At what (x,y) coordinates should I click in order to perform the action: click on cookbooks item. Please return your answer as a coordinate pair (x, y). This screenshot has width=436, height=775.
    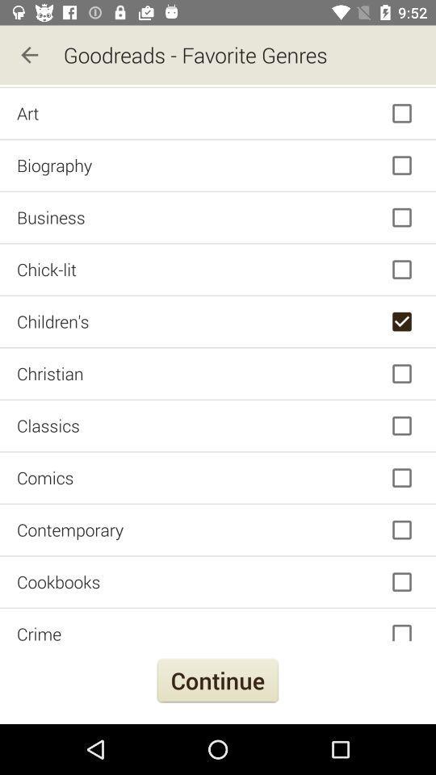
    Looking at the image, I should click on (218, 581).